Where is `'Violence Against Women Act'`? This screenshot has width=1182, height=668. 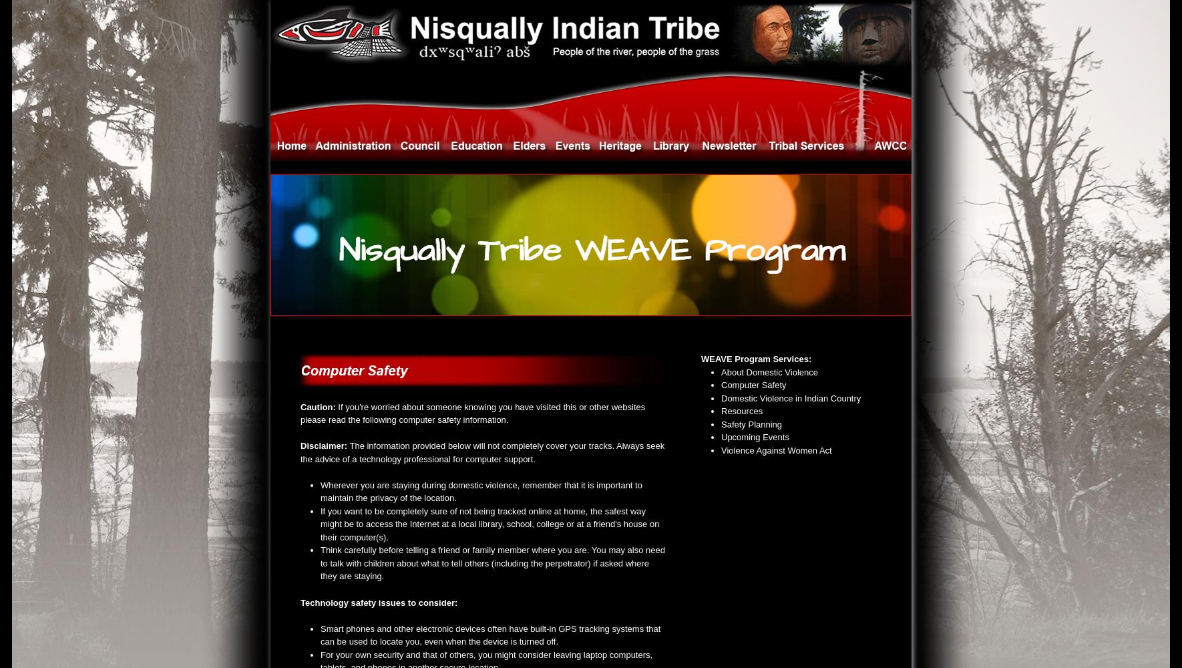
'Violence Against Women Act' is located at coordinates (776, 450).